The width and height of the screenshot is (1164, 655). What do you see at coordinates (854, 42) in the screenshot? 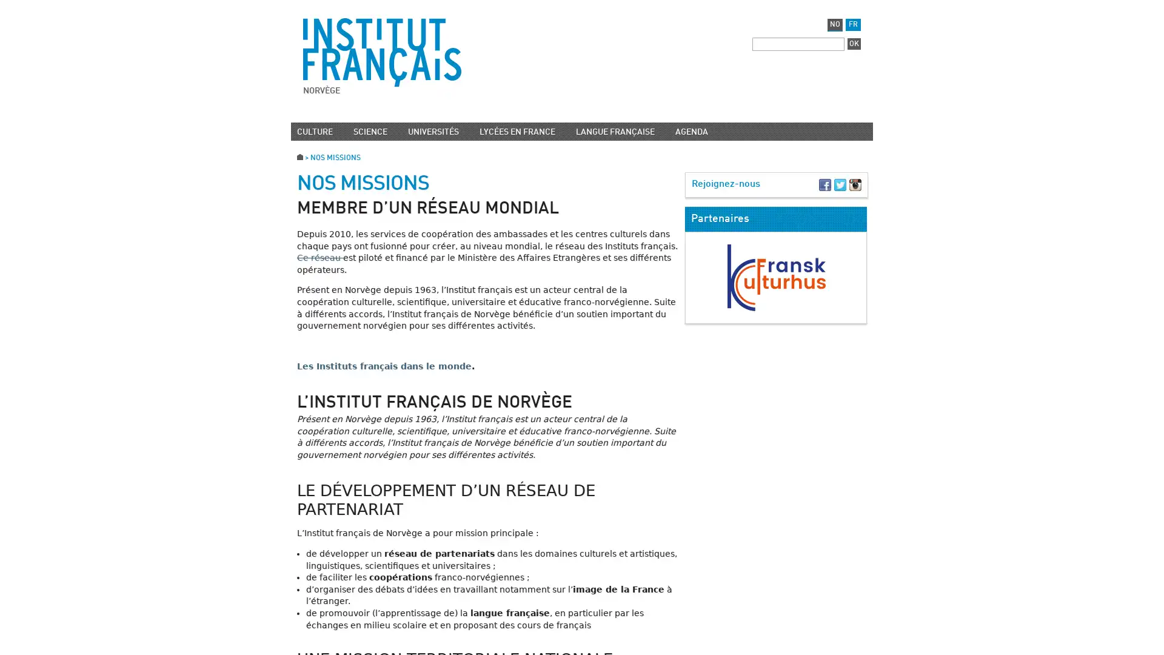
I see `OK` at bounding box center [854, 42].